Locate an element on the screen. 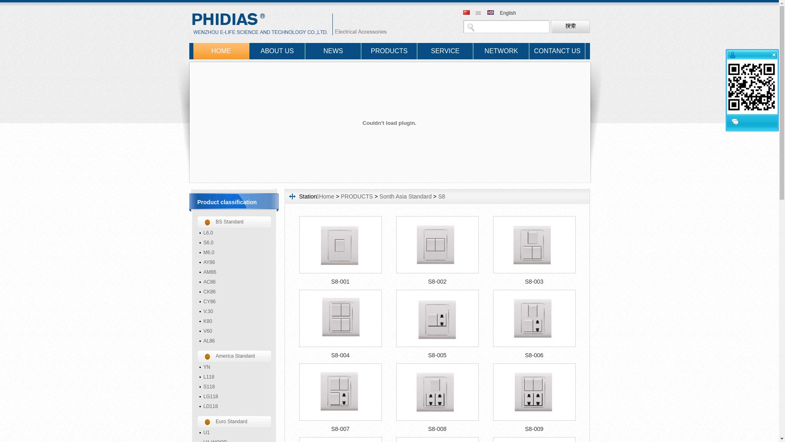  'Home' is located at coordinates (326, 196).